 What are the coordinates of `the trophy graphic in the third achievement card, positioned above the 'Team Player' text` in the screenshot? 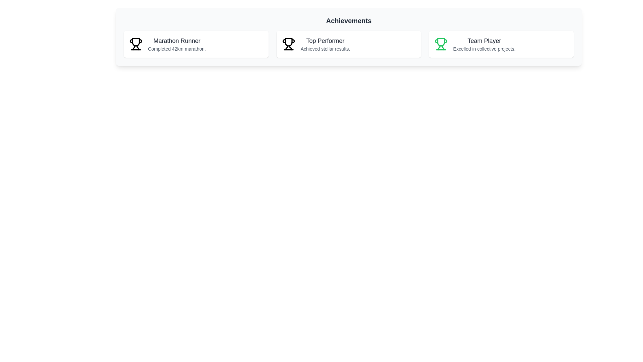 It's located at (441, 42).